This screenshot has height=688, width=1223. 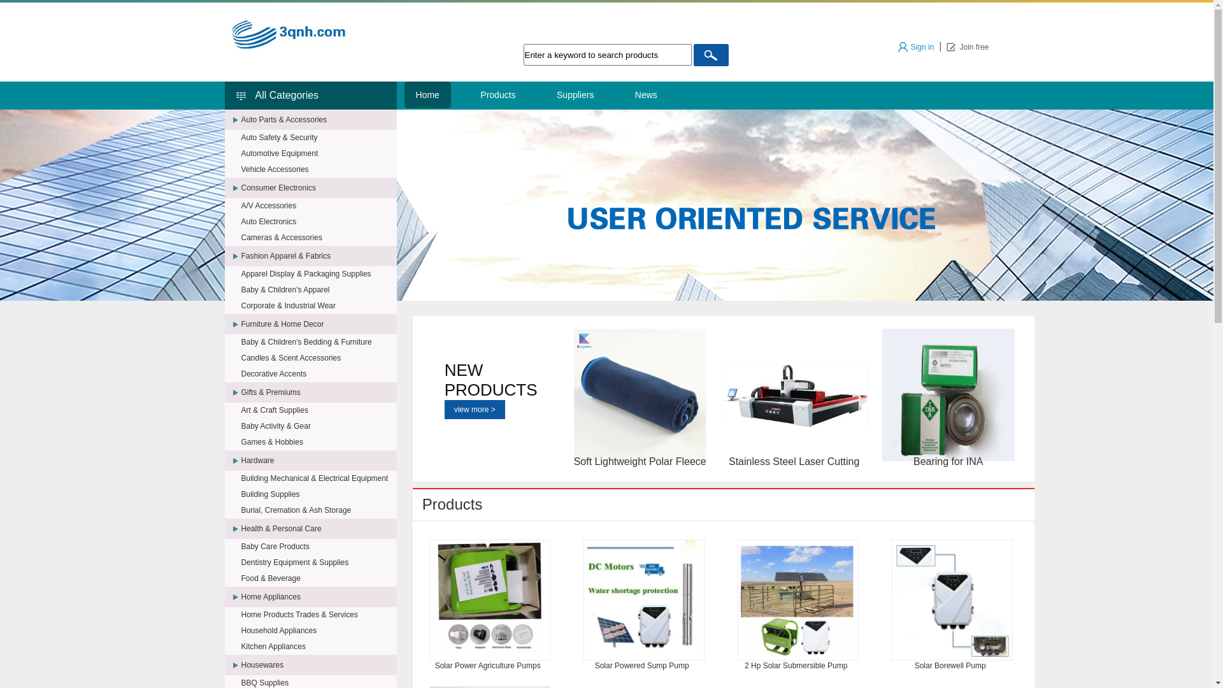 What do you see at coordinates (318, 187) in the screenshot?
I see `'Consumer Electronics'` at bounding box center [318, 187].